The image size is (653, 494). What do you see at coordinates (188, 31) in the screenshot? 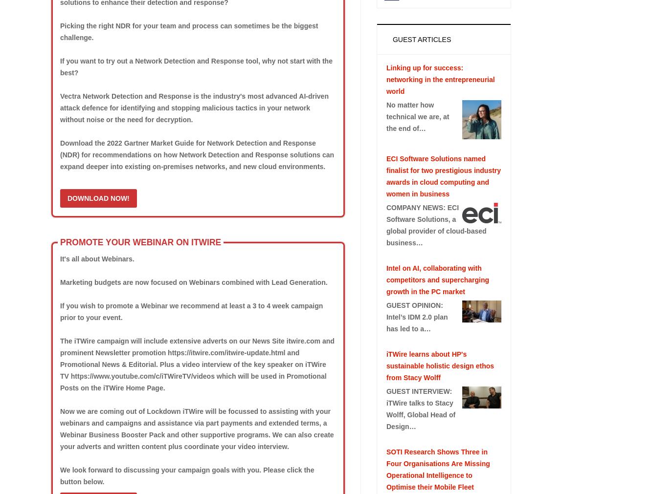
I see `'Picking the right NDR for your team and process can sometimes be the biggest challenge.'` at bounding box center [188, 31].